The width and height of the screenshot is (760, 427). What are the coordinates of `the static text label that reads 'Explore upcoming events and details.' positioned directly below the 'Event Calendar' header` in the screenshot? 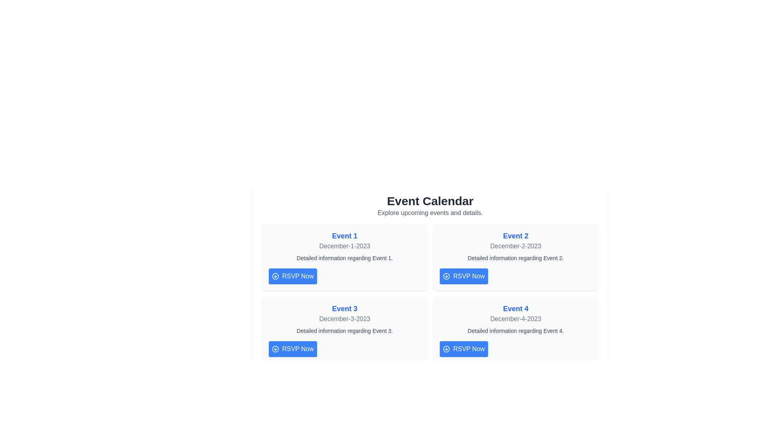 It's located at (429, 213).